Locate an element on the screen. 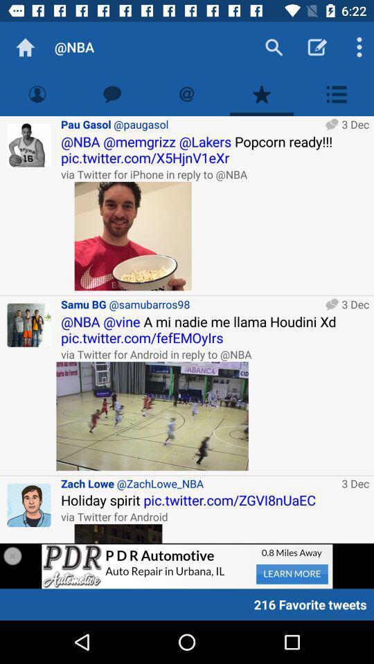 The height and width of the screenshot is (664, 374). profile is located at coordinates (29, 504).